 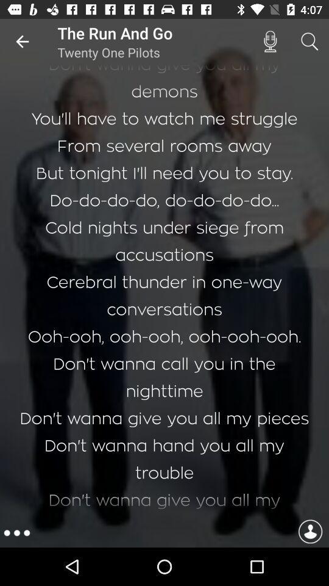 What do you see at coordinates (270, 42) in the screenshot?
I see `the icon next to the run and icon` at bounding box center [270, 42].